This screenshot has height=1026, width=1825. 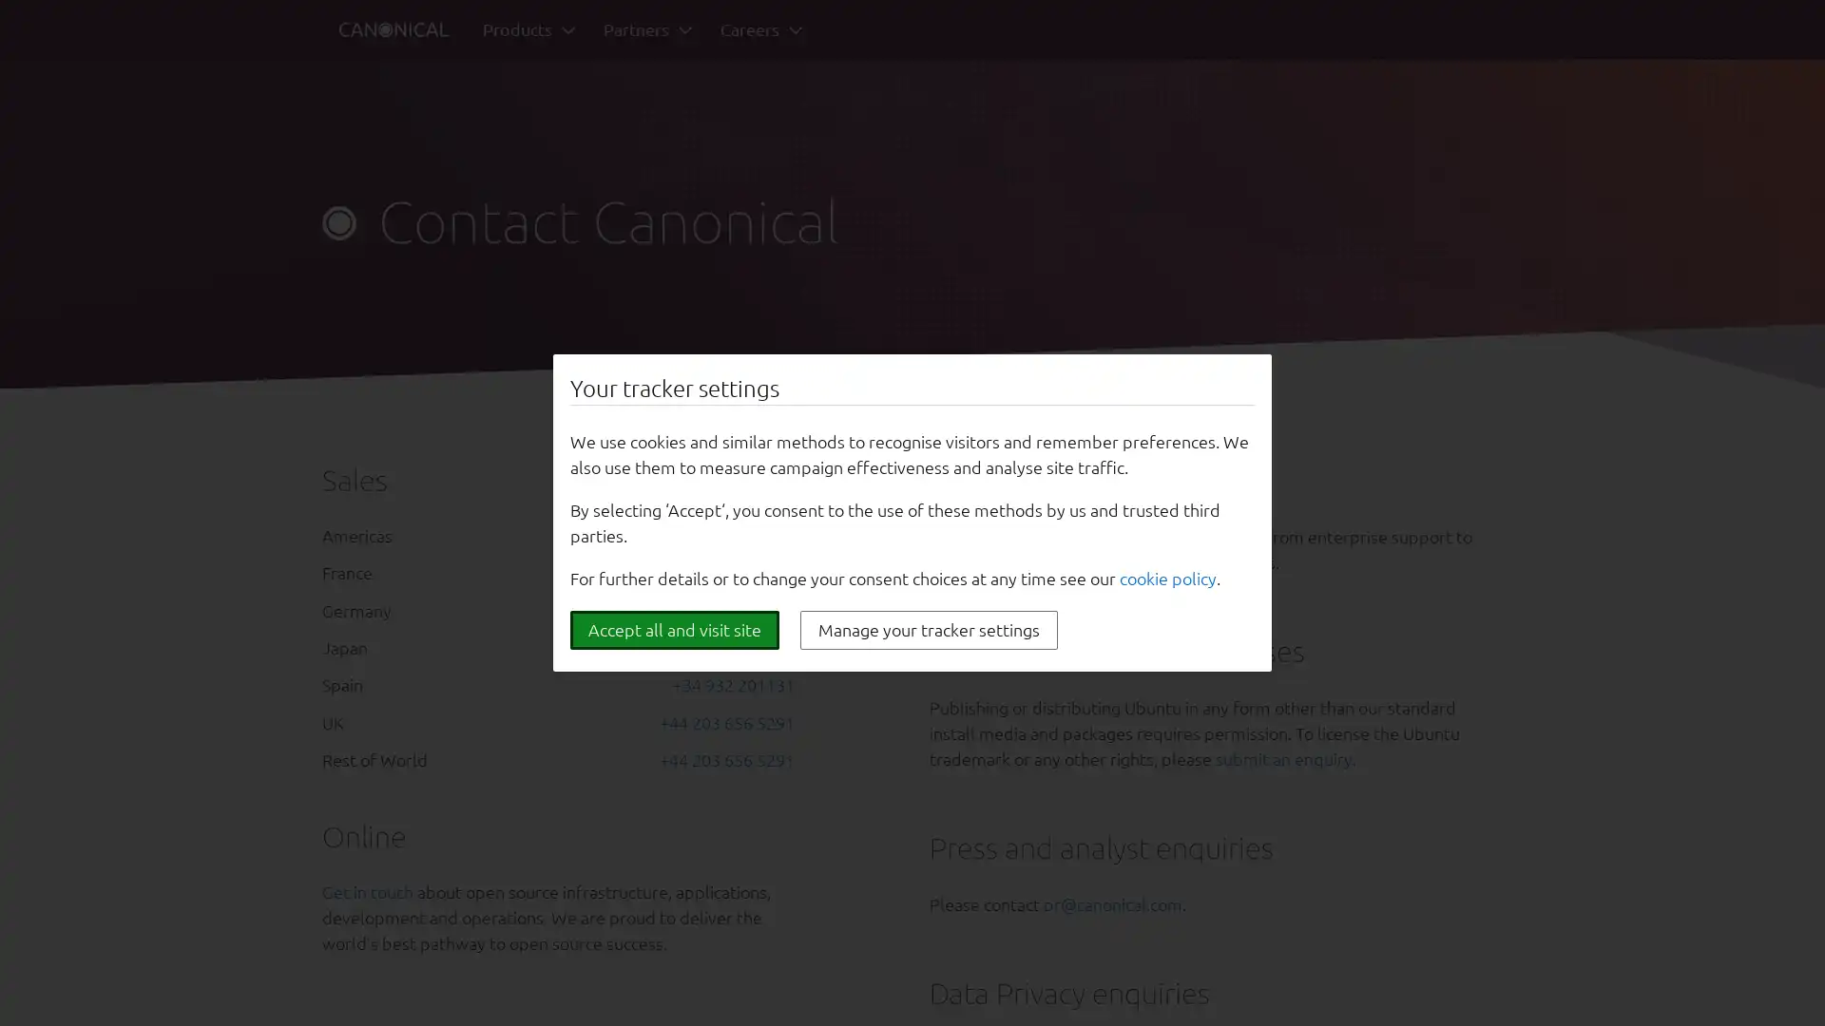 What do you see at coordinates (675, 630) in the screenshot?
I see `Accept all and visit site` at bounding box center [675, 630].